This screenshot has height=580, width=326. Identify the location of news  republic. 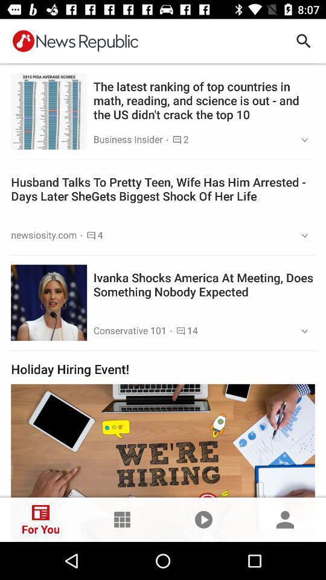
(75, 41).